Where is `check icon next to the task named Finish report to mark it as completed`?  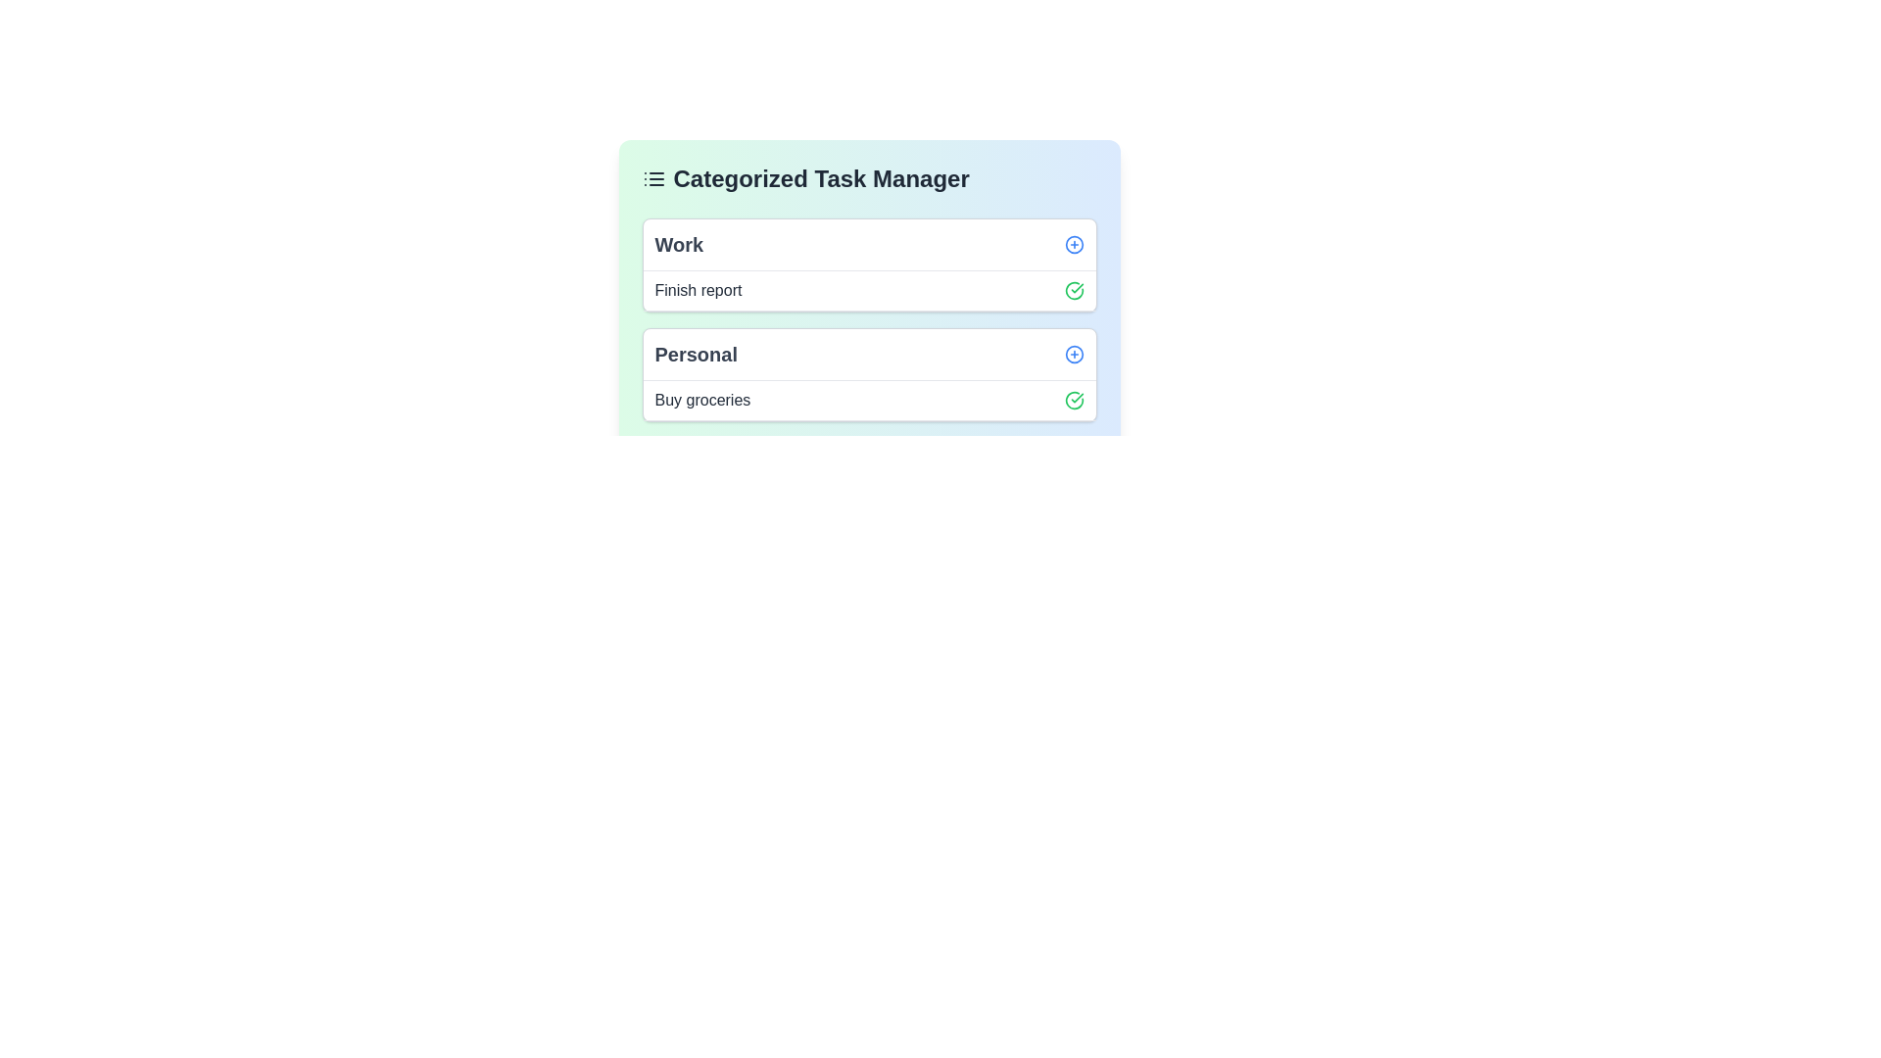
check icon next to the task named Finish report to mark it as completed is located at coordinates (1073, 291).